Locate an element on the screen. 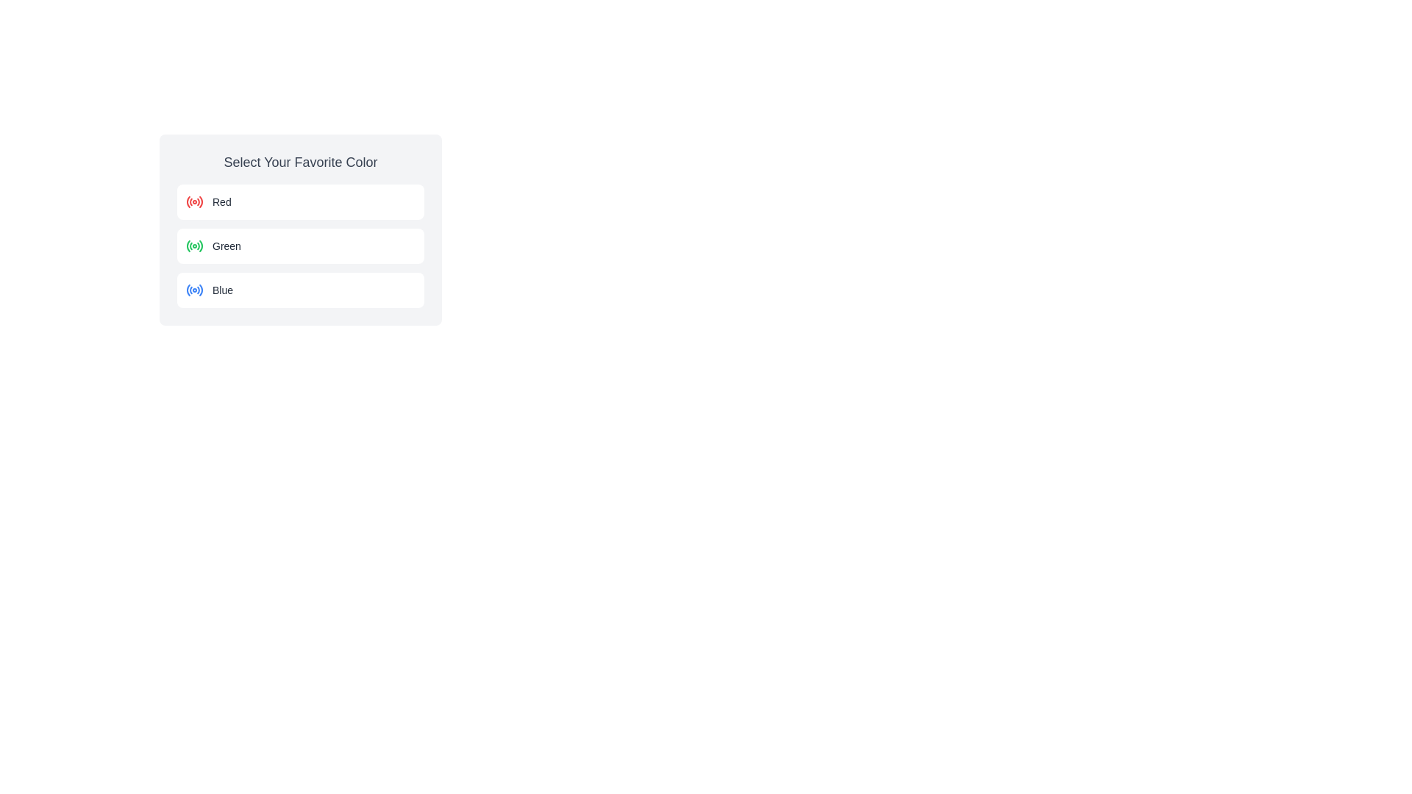  the green radio button, which is the leftmost component in the 'Green' row under 'Select Your Favorite Color' is located at coordinates (193, 246).